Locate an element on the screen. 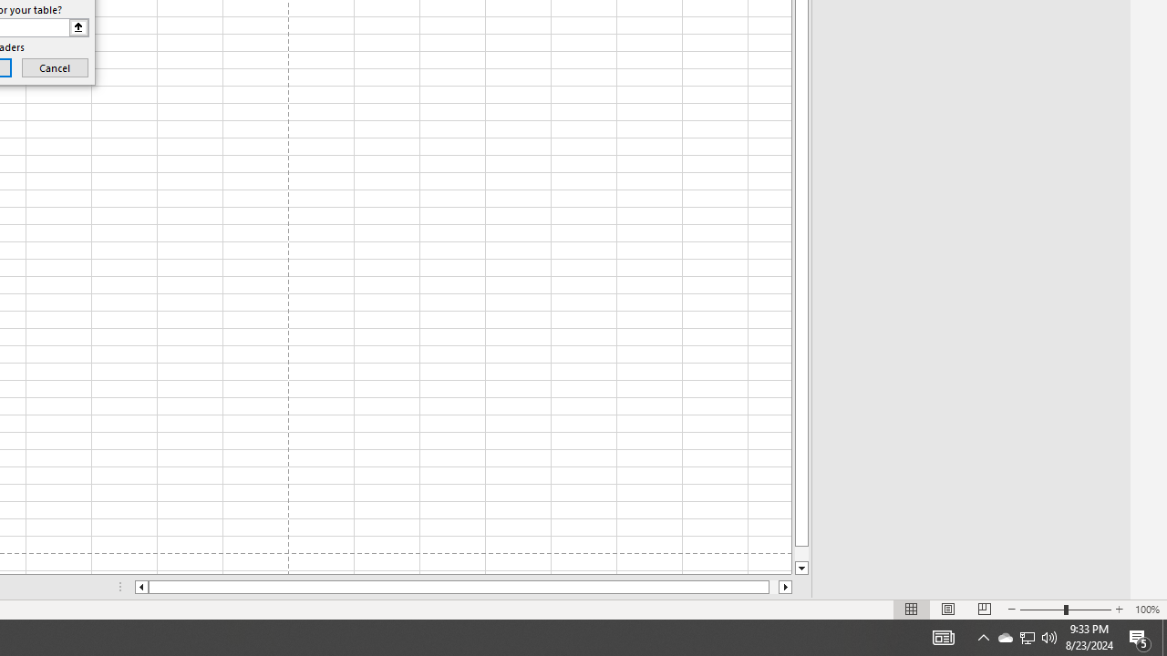 Image resolution: width=1167 pixels, height=656 pixels. 'Column left' is located at coordinates (139, 587).